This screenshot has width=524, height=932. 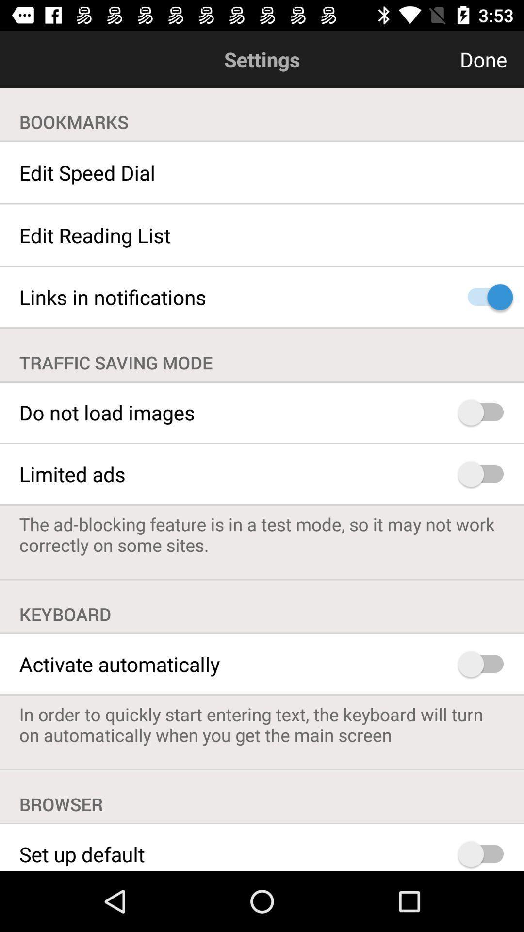 What do you see at coordinates (436, 59) in the screenshot?
I see `the done item` at bounding box center [436, 59].